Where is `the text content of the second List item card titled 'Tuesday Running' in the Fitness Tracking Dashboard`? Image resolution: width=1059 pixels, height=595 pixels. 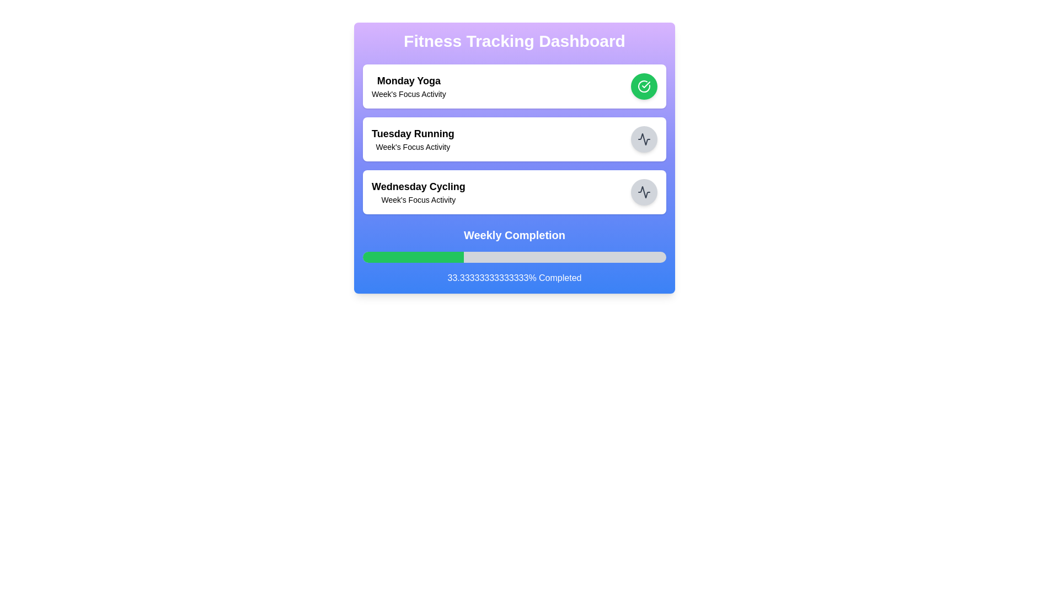 the text content of the second List item card titled 'Tuesday Running' in the Fitness Tracking Dashboard is located at coordinates (514, 139).